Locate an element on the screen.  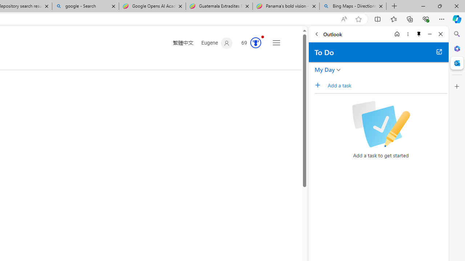
'AutomationID: rh_meter' is located at coordinates (256, 43).